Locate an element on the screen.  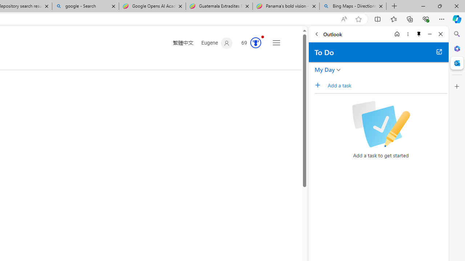
'AutomationID: rh_meter' is located at coordinates (256, 43).